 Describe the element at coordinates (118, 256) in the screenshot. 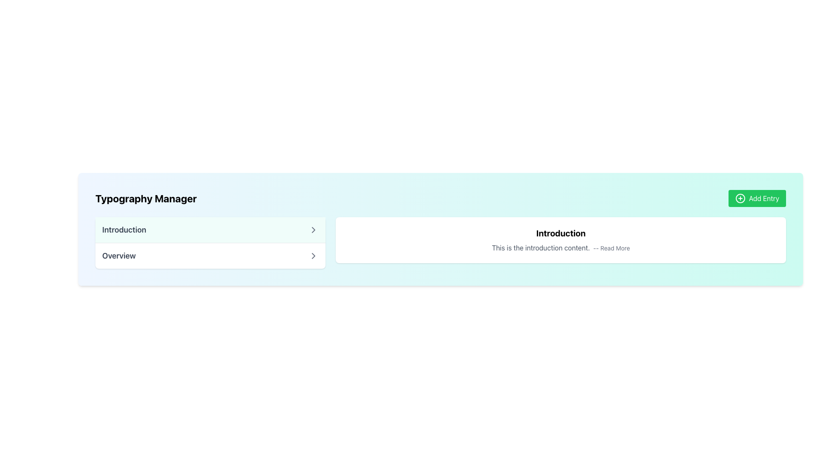

I see `the 'Overview' text label, which is bold and dark gray` at that location.